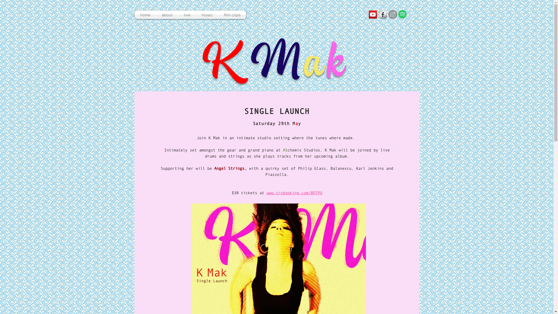  What do you see at coordinates (232, 14) in the screenshot?
I see `'film clips'` at bounding box center [232, 14].